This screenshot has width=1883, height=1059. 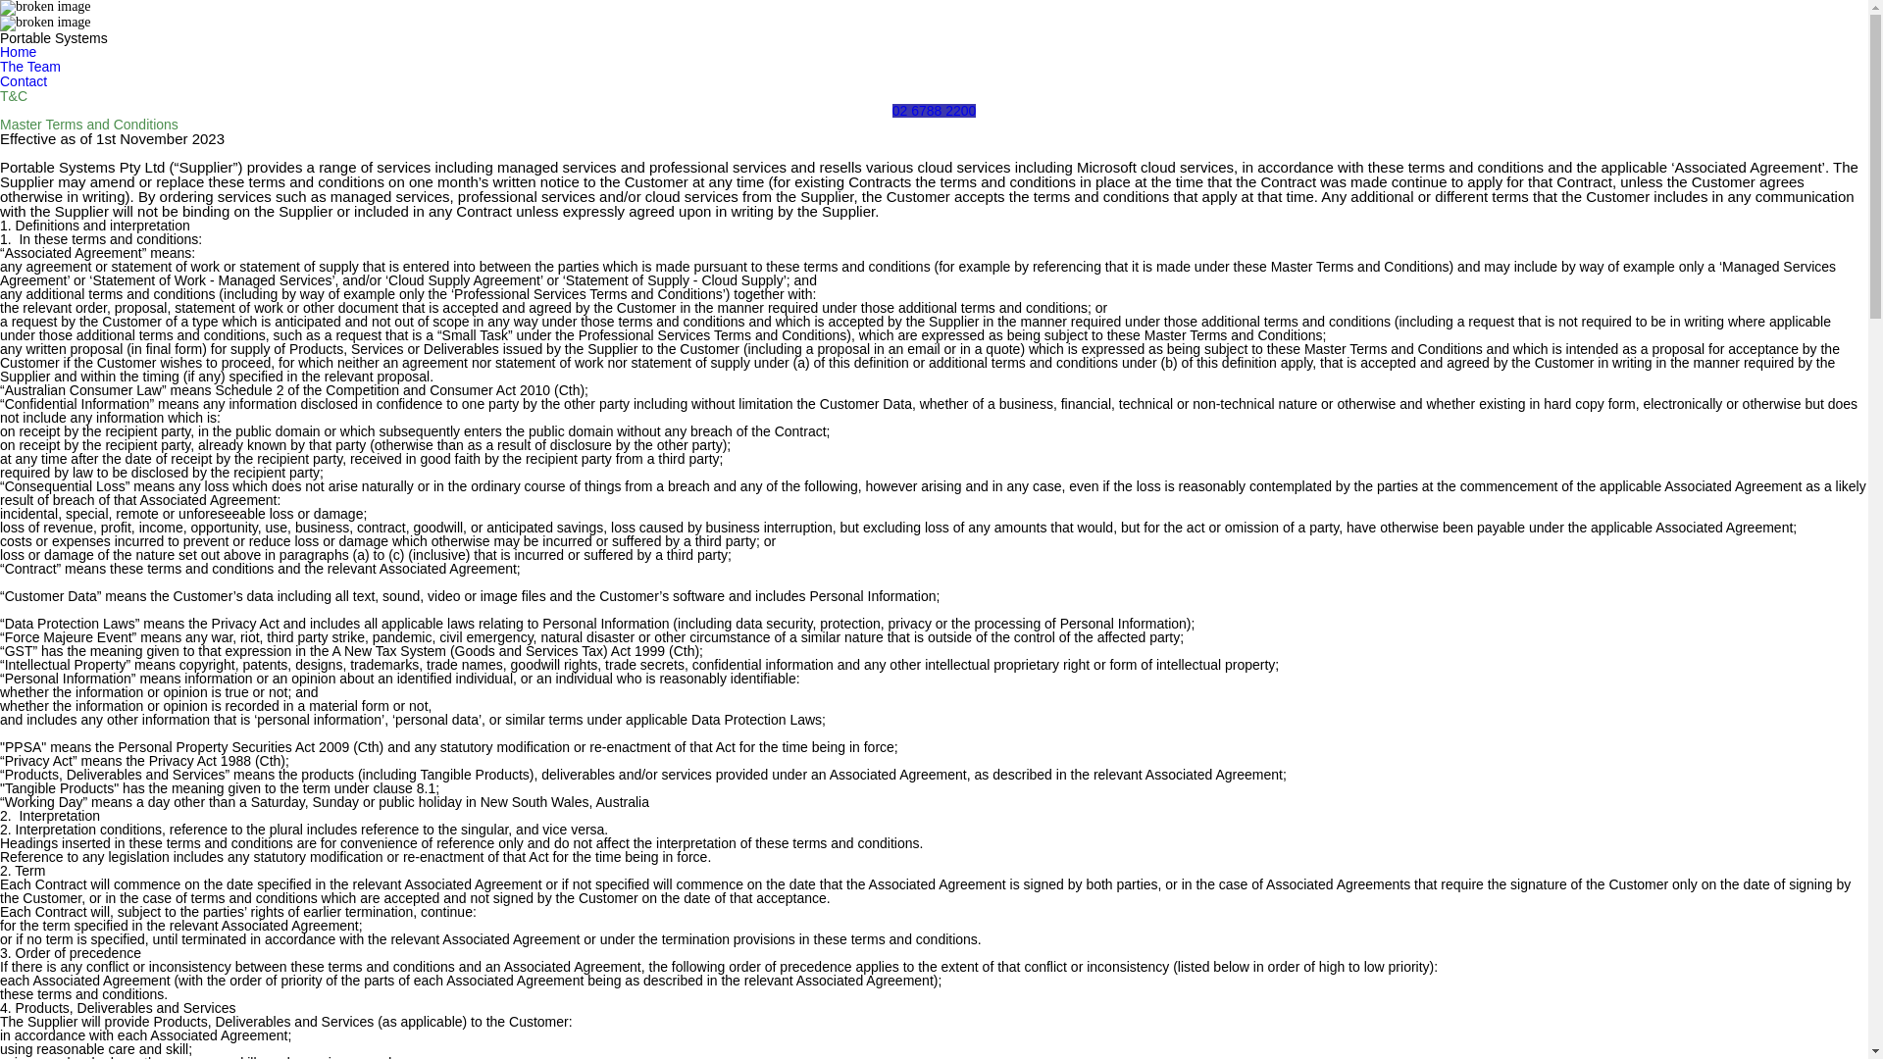 I want to click on '02 6788 2200', so click(x=934, y=110).